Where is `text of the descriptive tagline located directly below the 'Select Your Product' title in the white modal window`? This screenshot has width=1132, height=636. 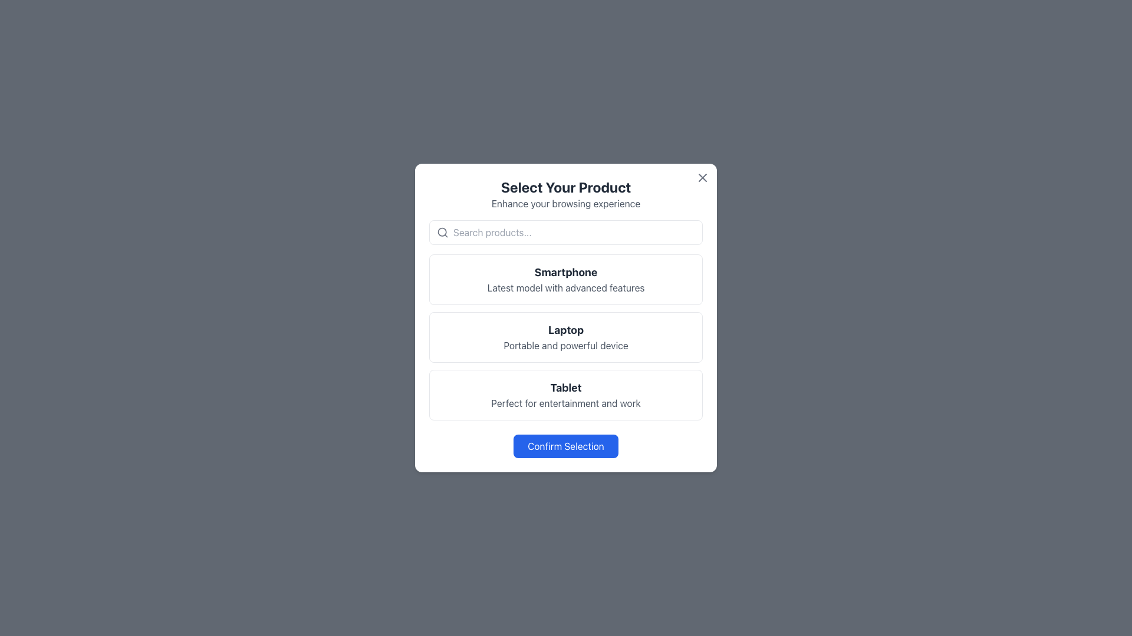
text of the descriptive tagline located directly below the 'Select Your Product' title in the white modal window is located at coordinates (566, 203).